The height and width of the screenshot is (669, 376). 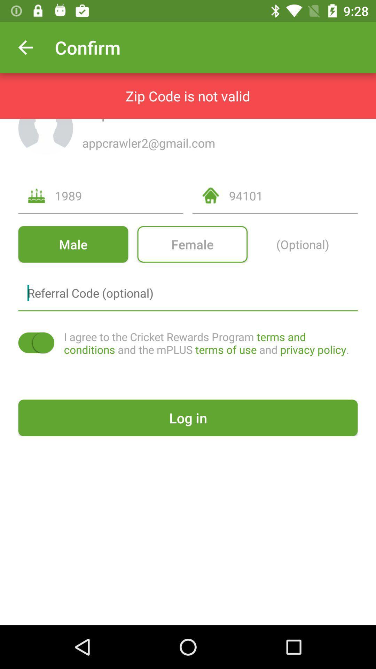 What do you see at coordinates (293, 195) in the screenshot?
I see `94101 item` at bounding box center [293, 195].